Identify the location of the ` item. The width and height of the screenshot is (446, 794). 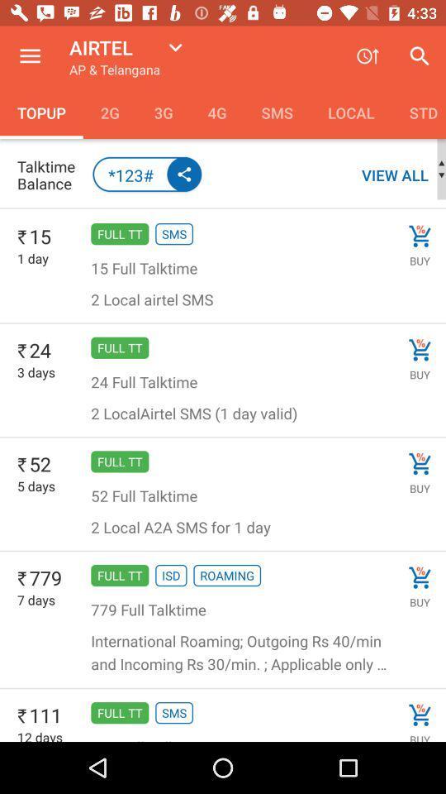
(21, 715).